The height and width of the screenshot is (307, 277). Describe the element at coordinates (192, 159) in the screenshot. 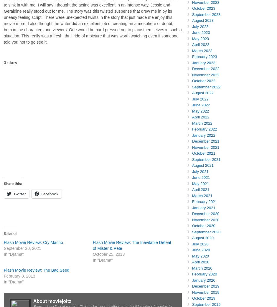

I see `'September 2021'` at that location.